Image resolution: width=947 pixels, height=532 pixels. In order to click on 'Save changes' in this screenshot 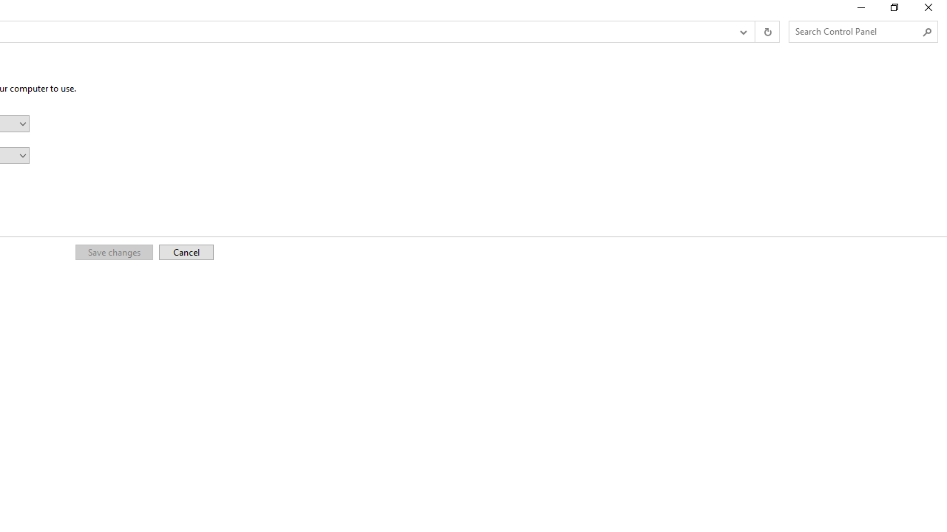, I will do `click(113, 251)`.